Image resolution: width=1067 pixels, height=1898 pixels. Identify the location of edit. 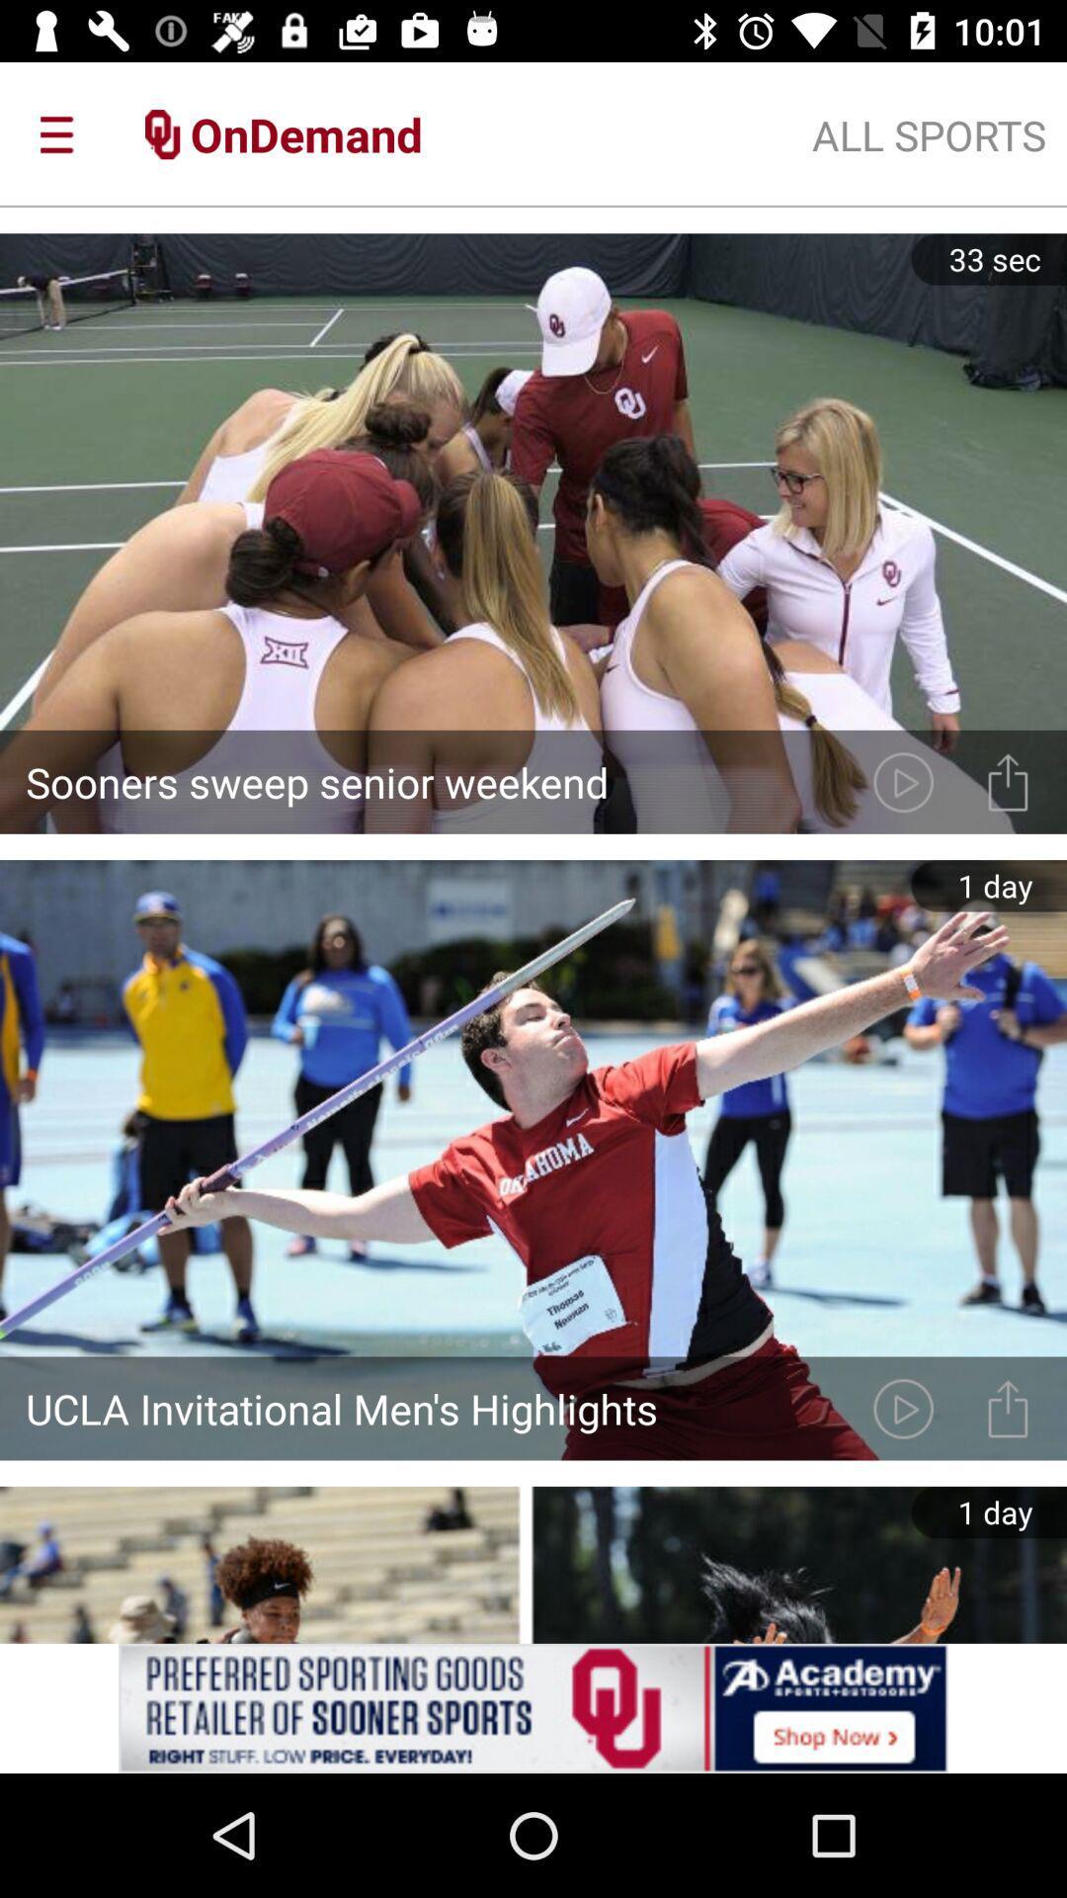
(903, 781).